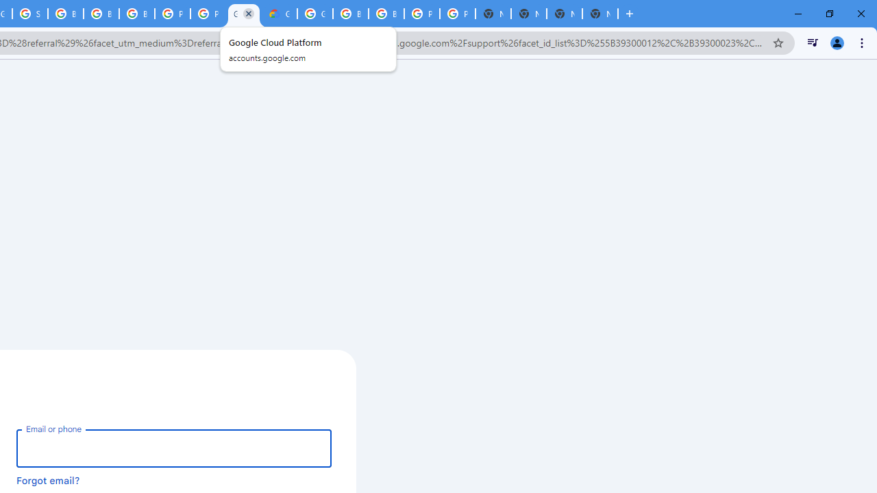  What do you see at coordinates (65, 14) in the screenshot?
I see `'Browse Chrome as a guest - Computer - Google Chrome Help'` at bounding box center [65, 14].